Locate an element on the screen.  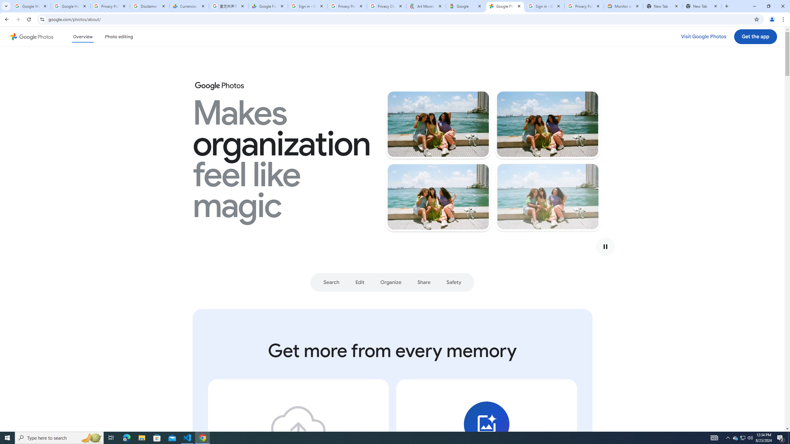
'Visit Google Photos' is located at coordinates (703, 36).